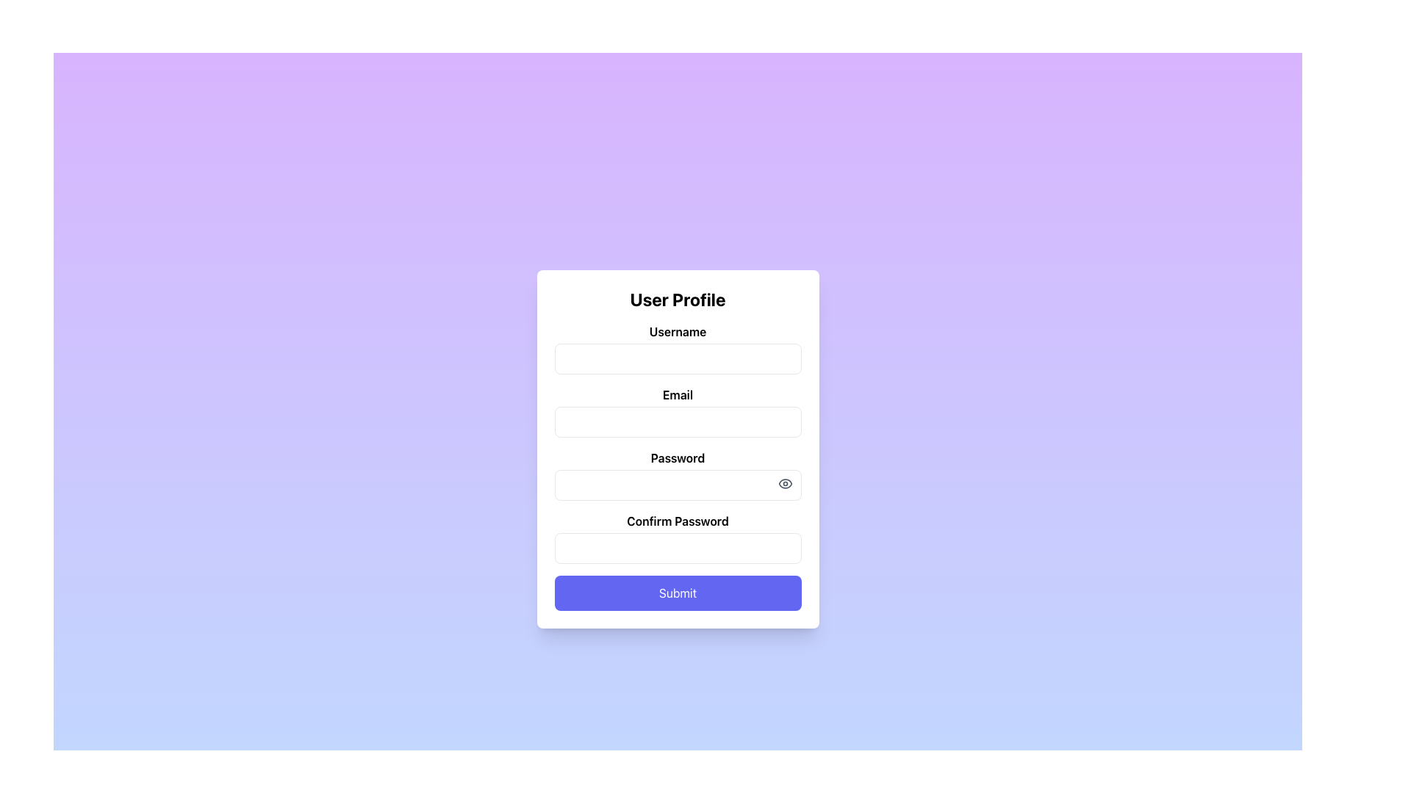  Describe the element at coordinates (677, 348) in the screenshot. I see `the 'Username' input field to focus on it, which is styled with rounded corners and an indigo outline when focused` at that location.